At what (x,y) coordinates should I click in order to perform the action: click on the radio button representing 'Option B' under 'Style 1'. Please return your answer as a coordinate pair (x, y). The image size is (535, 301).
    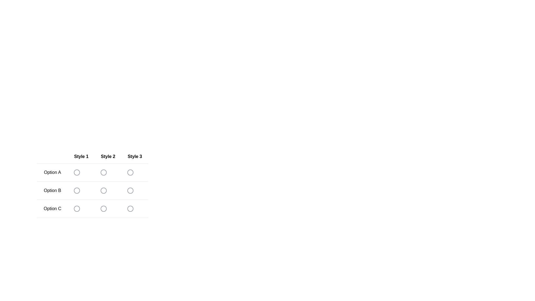
    Looking at the image, I should click on (81, 190).